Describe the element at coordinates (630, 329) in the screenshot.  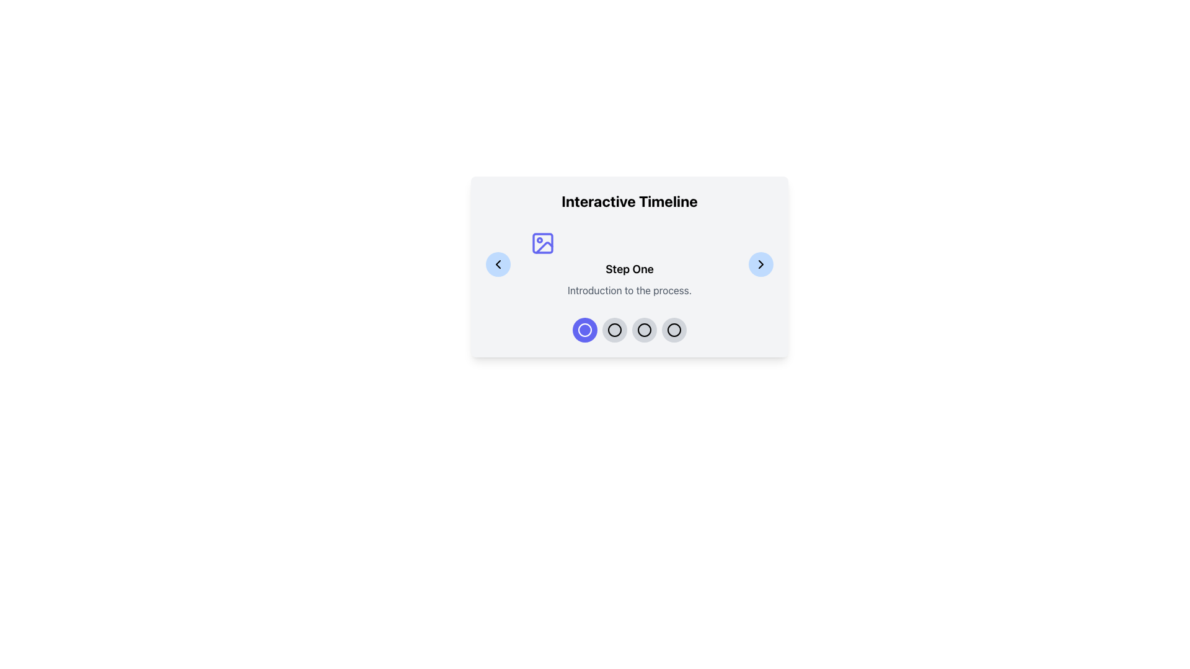
I see `the progress indicator or stepper component located at the bottom of the 'Interactive Timeline' card` at that location.